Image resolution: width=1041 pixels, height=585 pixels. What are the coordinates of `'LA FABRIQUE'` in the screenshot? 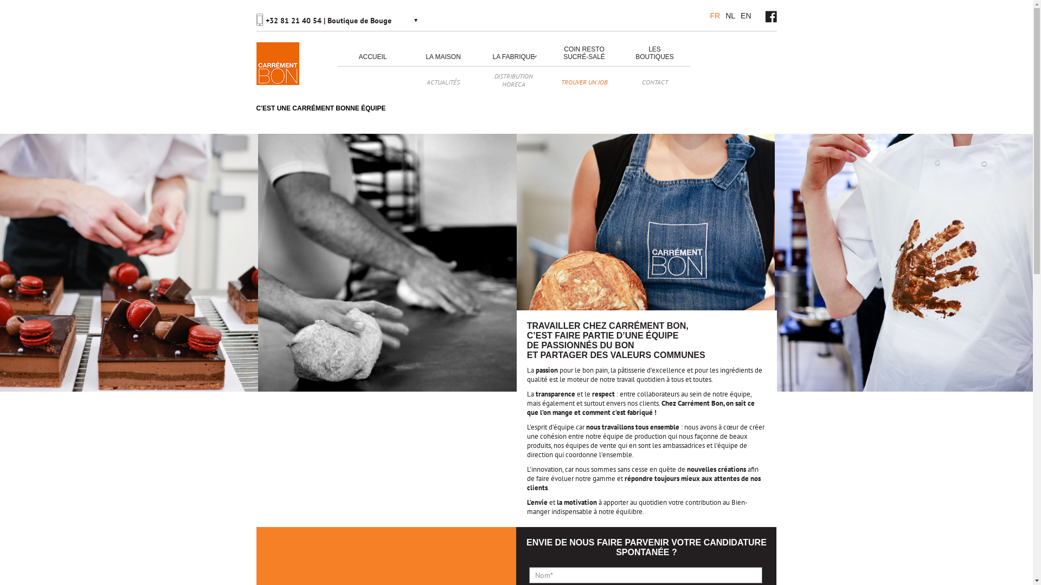 It's located at (478, 54).